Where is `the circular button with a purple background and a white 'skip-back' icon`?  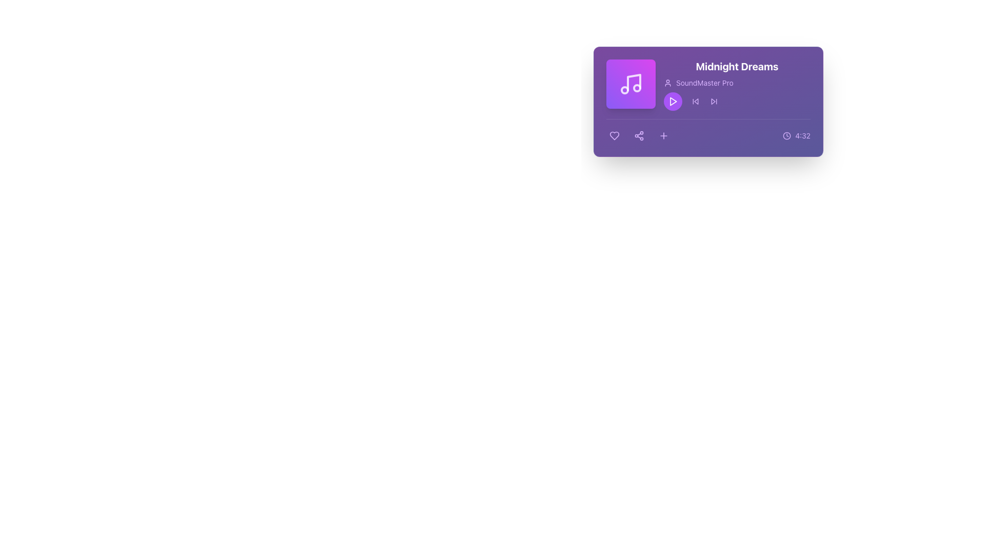 the circular button with a purple background and a white 'skip-back' icon is located at coordinates (696, 101).